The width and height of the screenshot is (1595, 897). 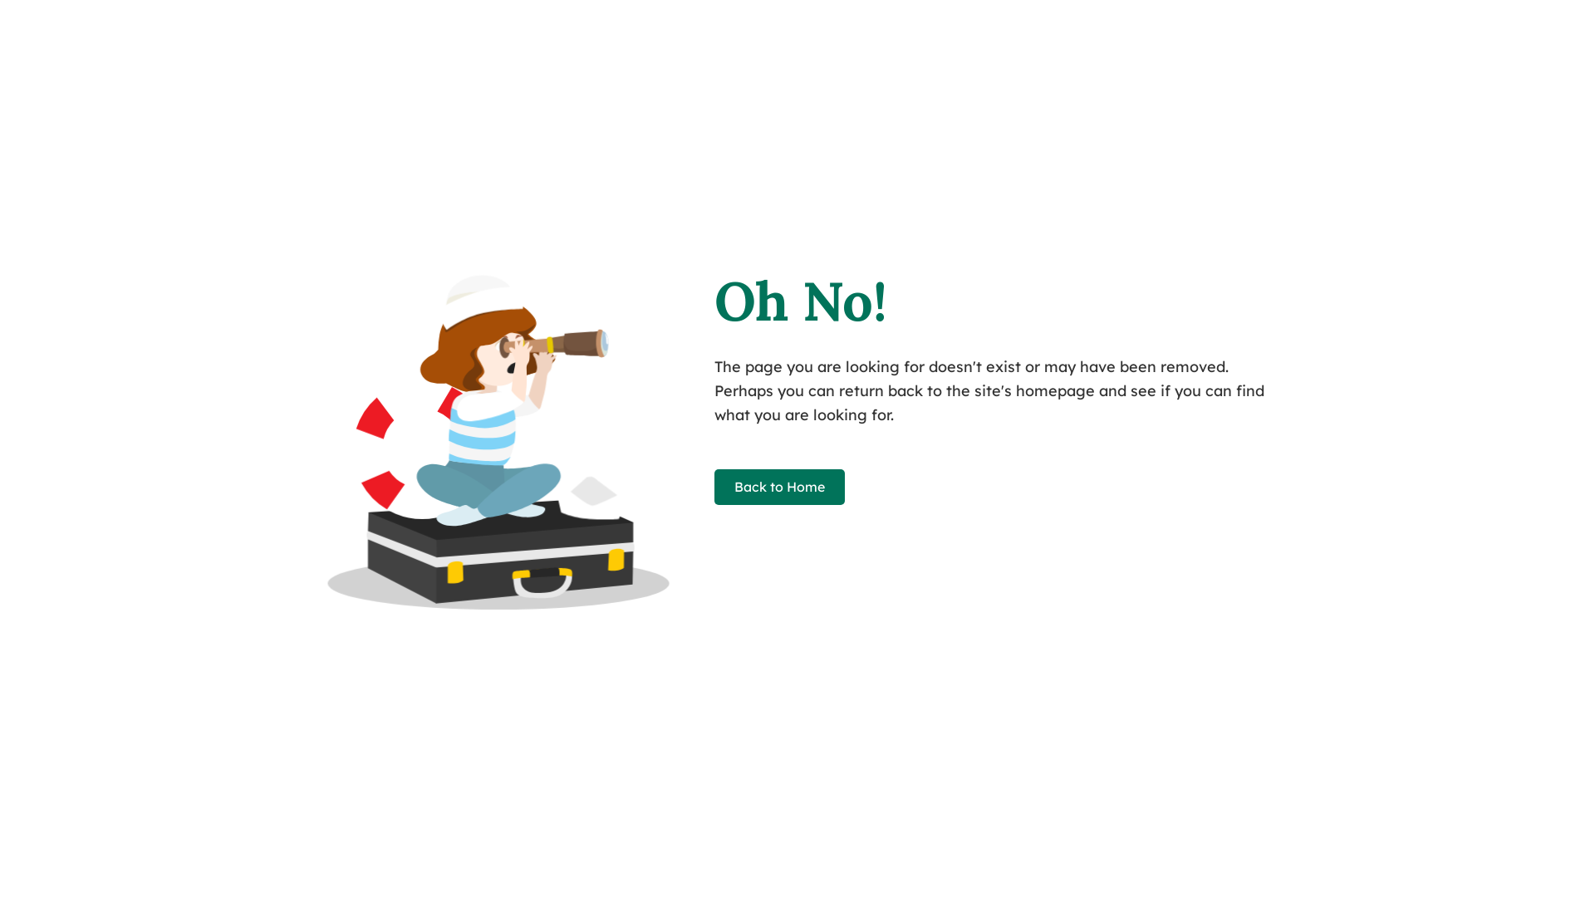 I want to click on 'Back to Home', so click(x=778, y=486).